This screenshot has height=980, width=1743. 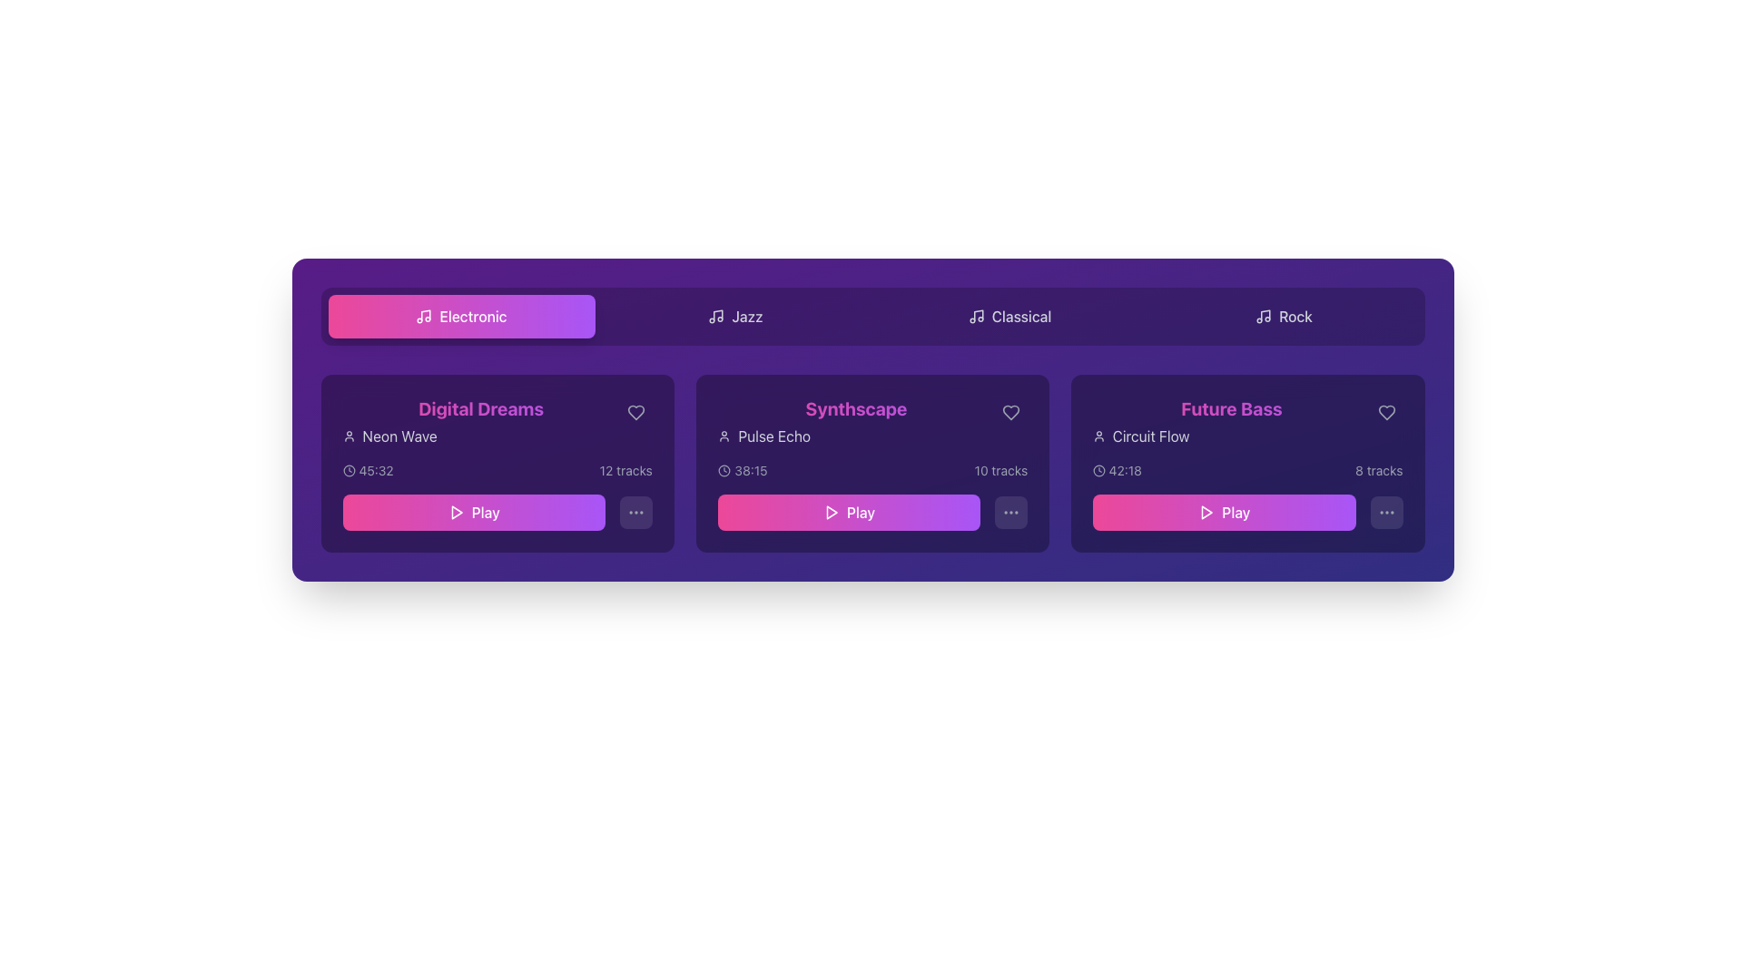 I want to click on the state of the heart icon in the top-right corner of the 'Digital Dreams' card to check if the item is favorited or not, so click(x=635, y=413).